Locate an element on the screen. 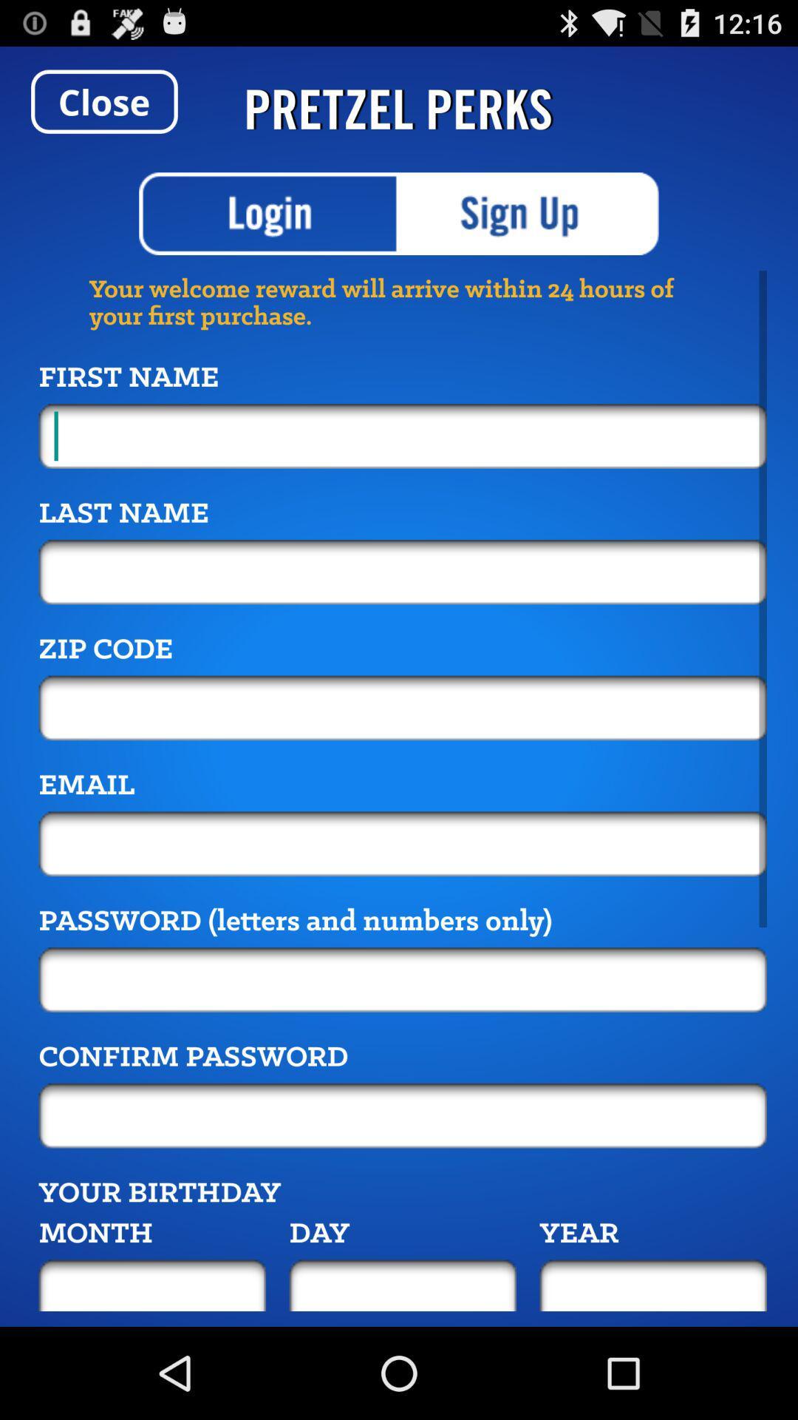  e-mail adress is located at coordinates (403, 844).